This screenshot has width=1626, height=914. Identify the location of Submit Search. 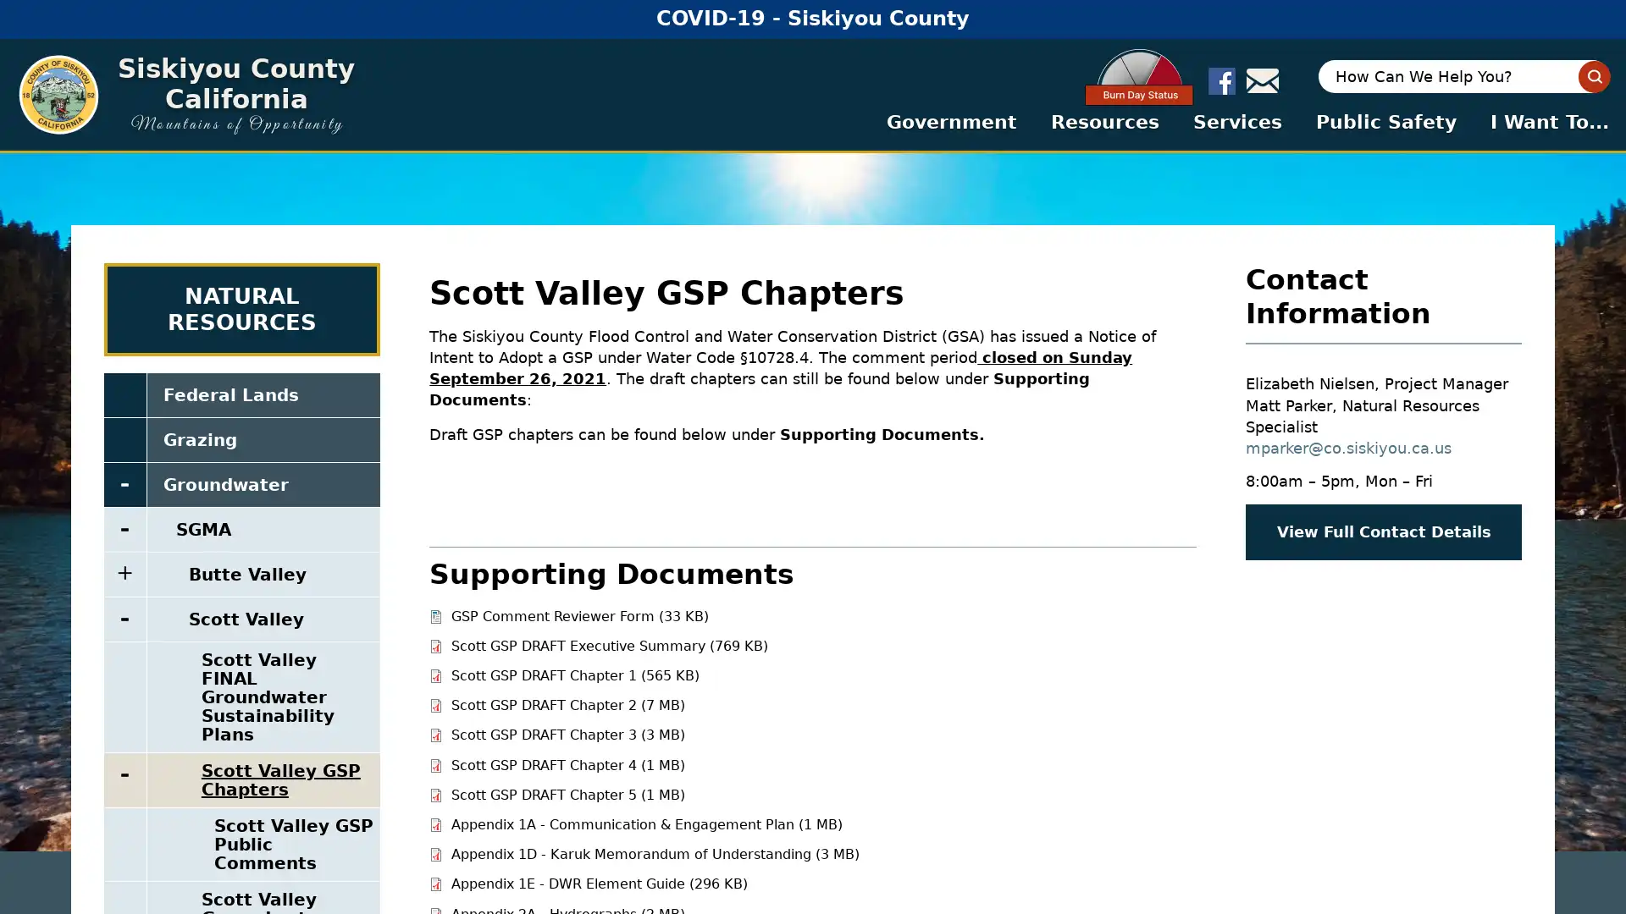
(1593, 76).